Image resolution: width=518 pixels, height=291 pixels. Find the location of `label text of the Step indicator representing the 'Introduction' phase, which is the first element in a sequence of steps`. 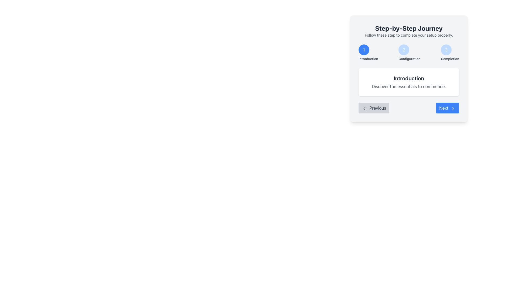

label text of the Step indicator representing the 'Introduction' phase, which is the first element in a sequence of steps is located at coordinates (368, 53).